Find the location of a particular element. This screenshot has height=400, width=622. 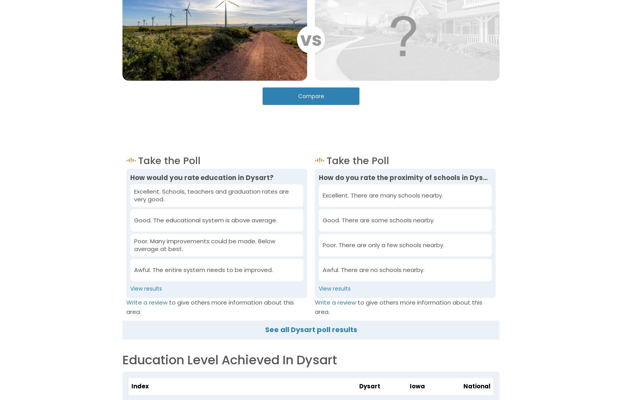

'How would you rate education in Dysart?' is located at coordinates (201, 177).